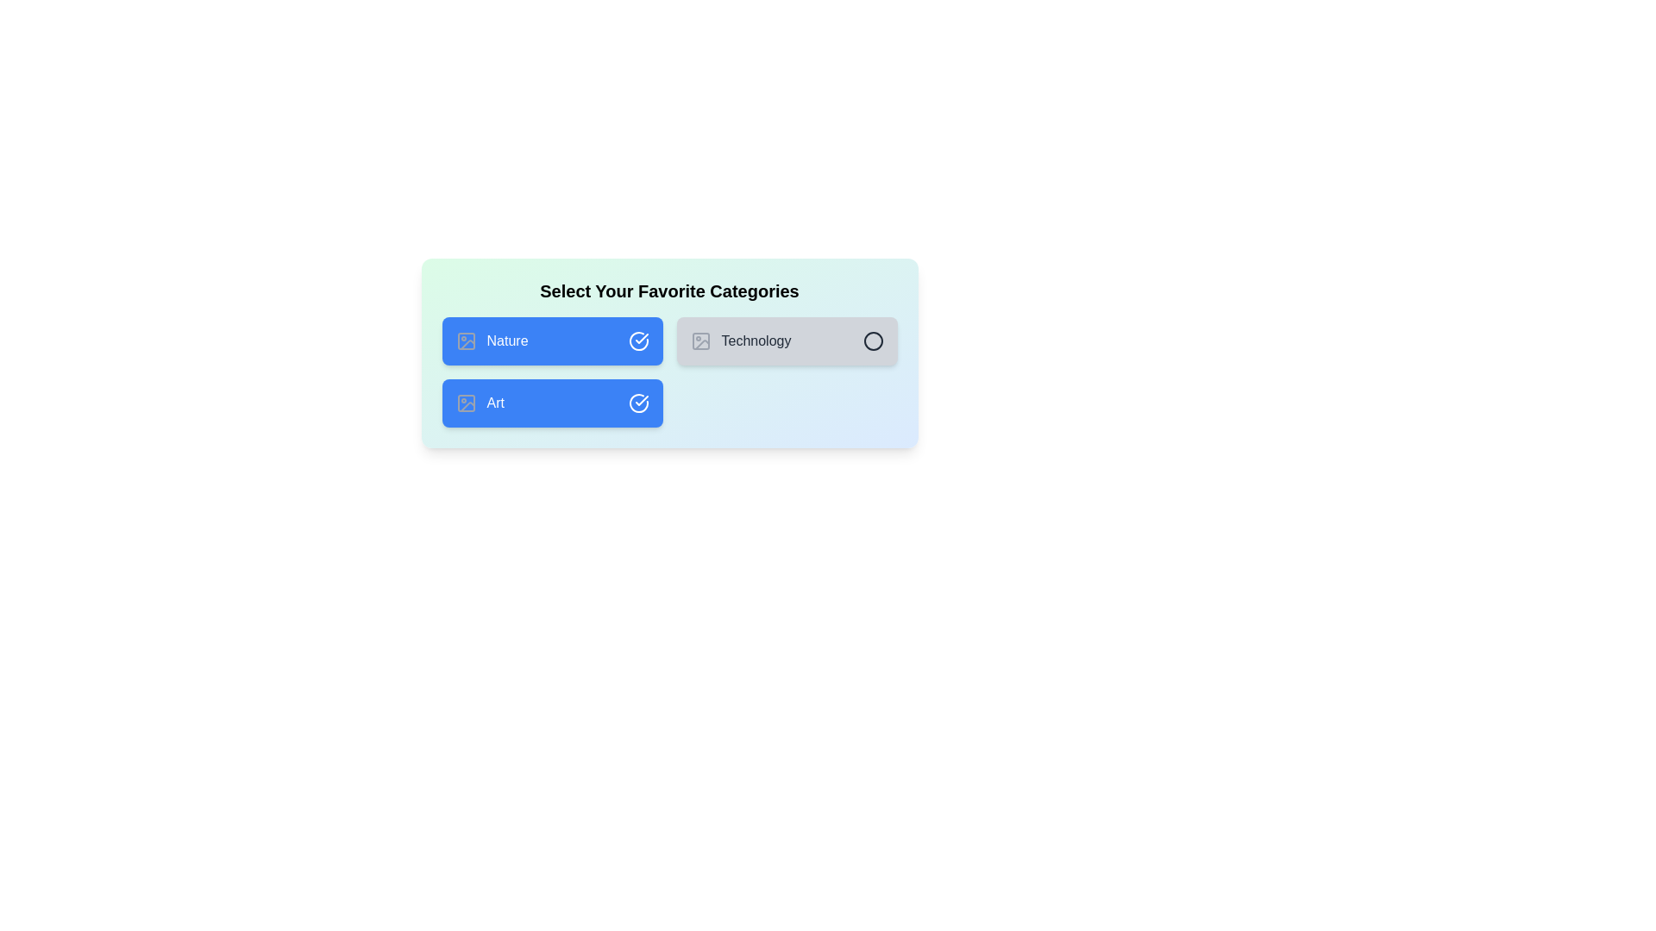 The height and width of the screenshot is (931, 1656). What do you see at coordinates (786, 341) in the screenshot?
I see `the category Technology to observe the hover effect` at bounding box center [786, 341].